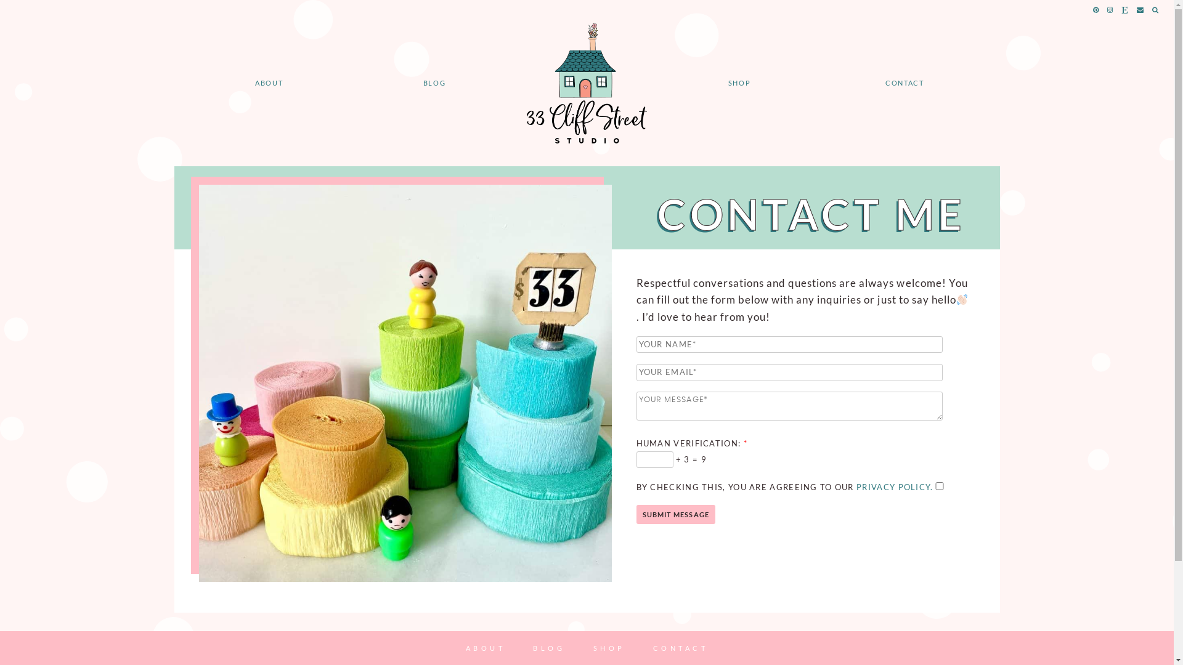  What do you see at coordinates (485, 647) in the screenshot?
I see `'ABOUT'` at bounding box center [485, 647].